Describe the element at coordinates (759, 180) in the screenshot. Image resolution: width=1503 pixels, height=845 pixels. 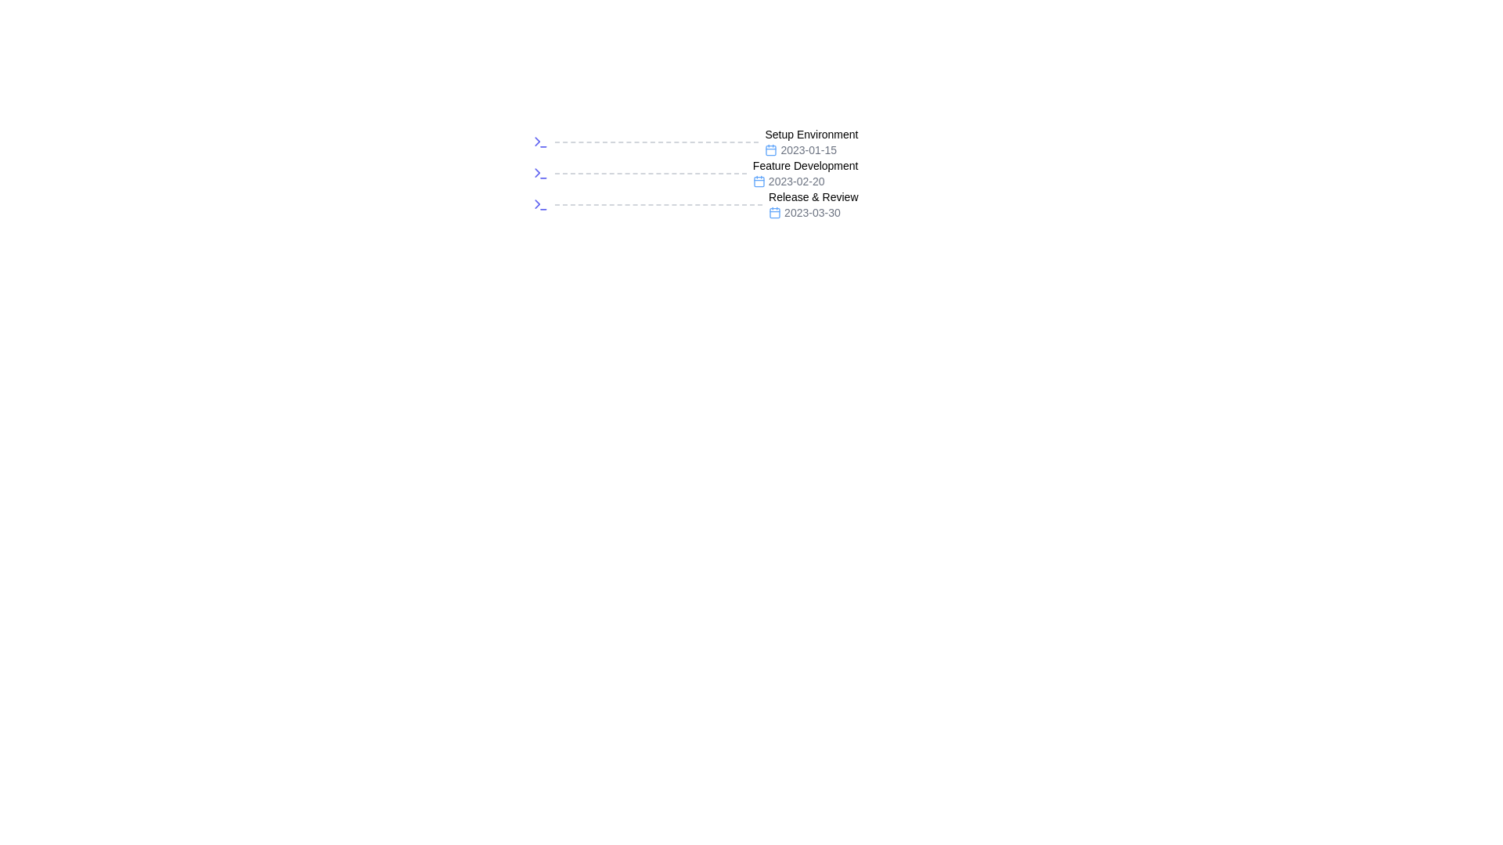
I see `the date icon indicating '2023-02-20', which is positioned to the left of the text '2023-02-20'` at that location.